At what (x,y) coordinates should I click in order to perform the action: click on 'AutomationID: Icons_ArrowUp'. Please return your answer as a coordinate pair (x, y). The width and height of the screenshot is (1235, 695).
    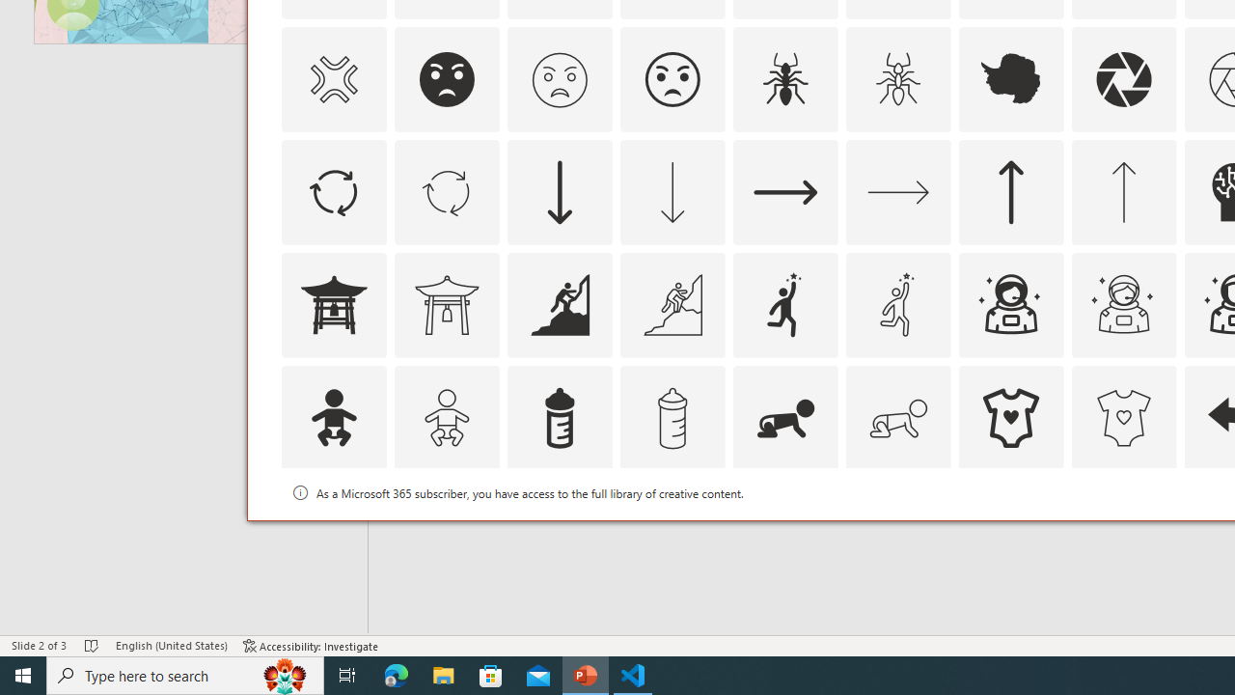
    Looking at the image, I should click on (1010, 191).